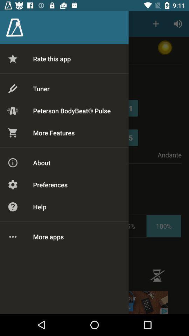 Image resolution: width=189 pixels, height=336 pixels. What do you see at coordinates (157, 275) in the screenshot?
I see `the info icon` at bounding box center [157, 275].